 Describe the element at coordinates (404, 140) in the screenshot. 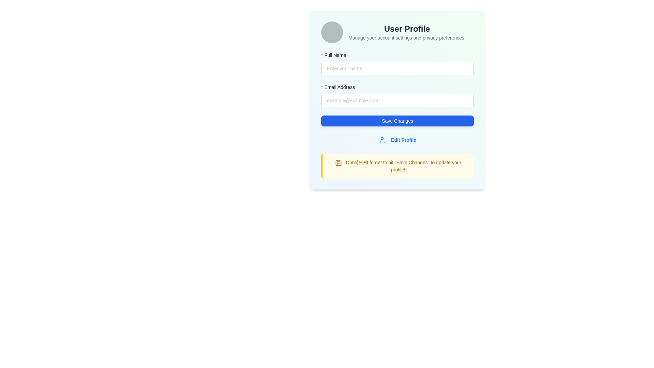

I see `the text label for editing profile information located at the center-bottom section of the interface, just below the 'Save Changes' button` at that location.